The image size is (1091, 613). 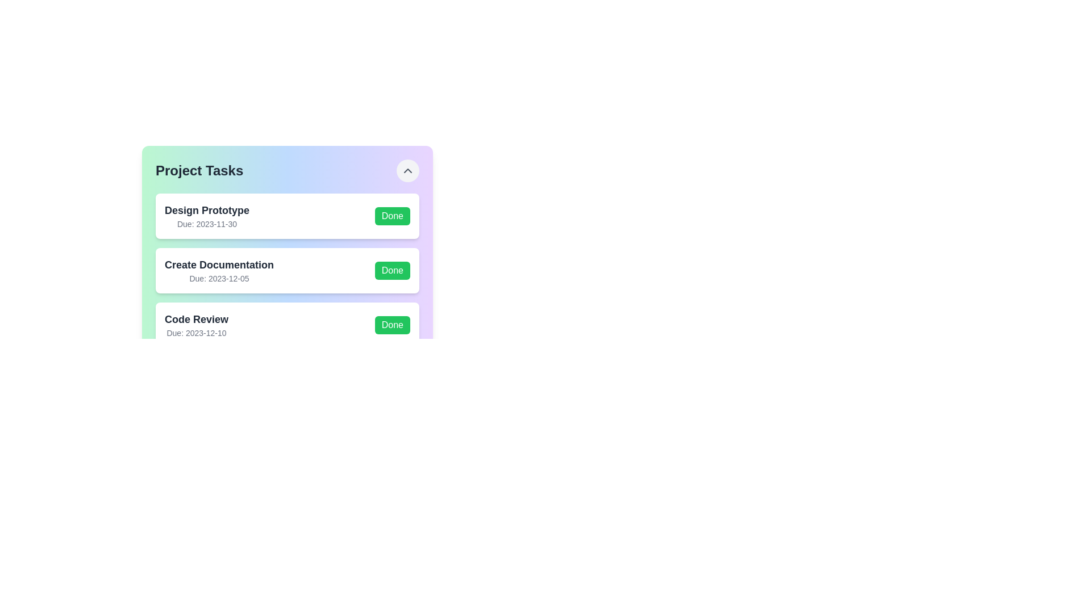 I want to click on the expand/collapse button to toggle the visibility of the task list, so click(x=408, y=170).